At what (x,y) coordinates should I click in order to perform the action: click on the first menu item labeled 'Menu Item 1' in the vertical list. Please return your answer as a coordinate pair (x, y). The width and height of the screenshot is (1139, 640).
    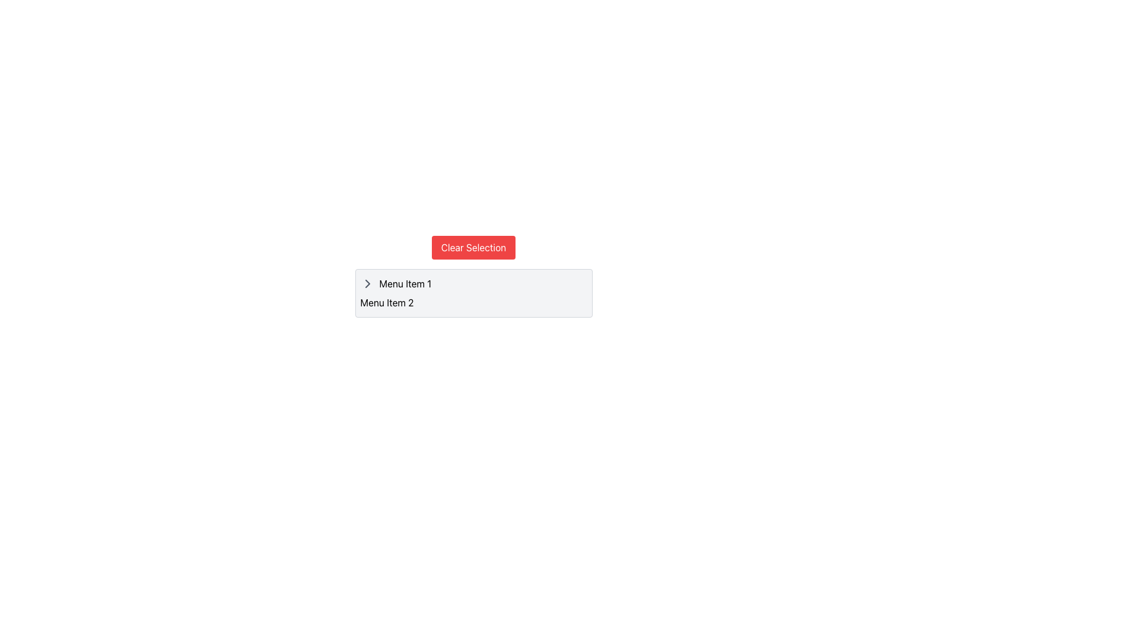
    Looking at the image, I should click on (473, 283).